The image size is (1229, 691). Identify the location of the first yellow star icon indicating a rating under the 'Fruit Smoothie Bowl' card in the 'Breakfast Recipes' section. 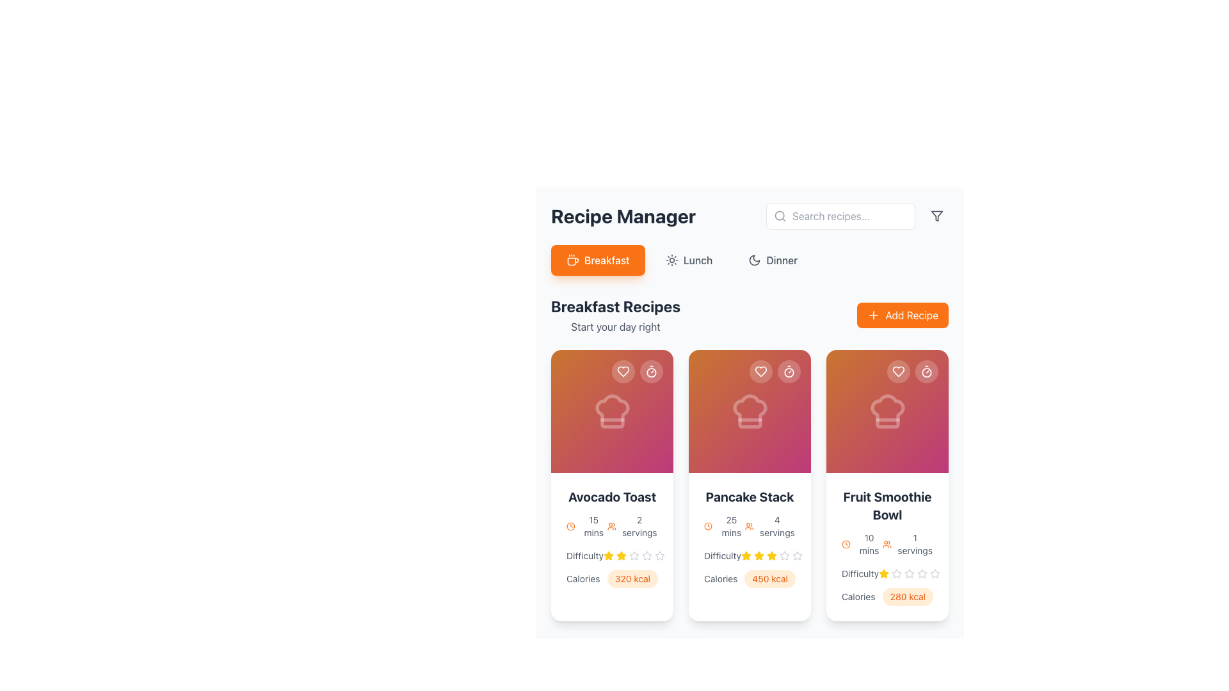
(883, 573).